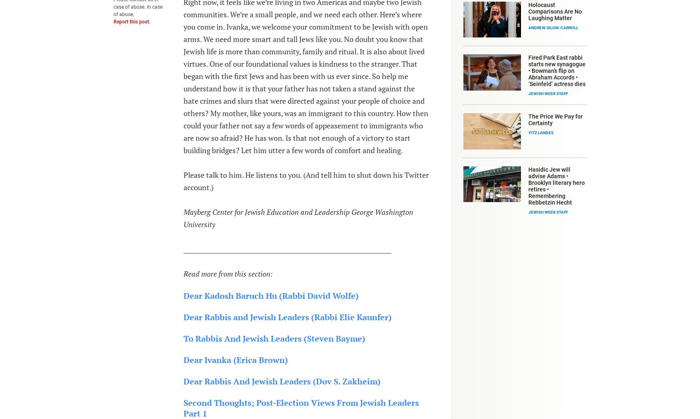 This screenshot has width=700, height=419. I want to click on 'Dear Kadosh Baruch Hu (Rabbi David Wolfe)', so click(270, 295).